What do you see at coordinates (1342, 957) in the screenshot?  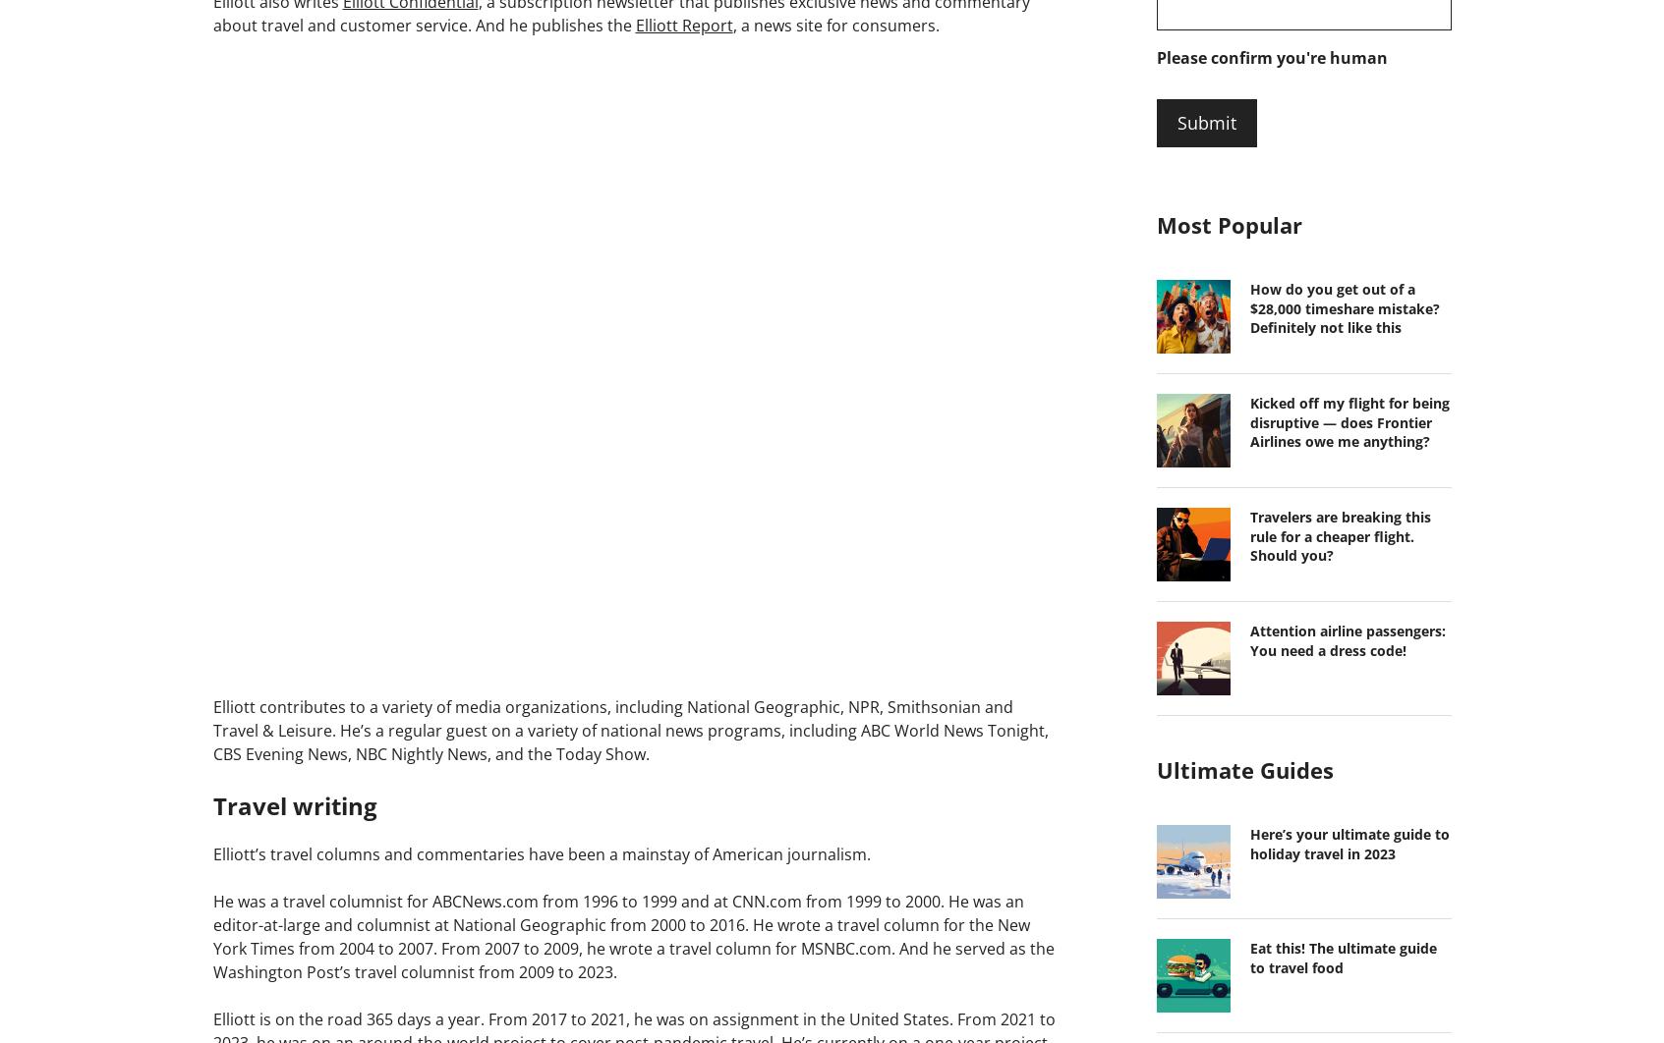 I see `'Eat this! The ultimate guide to travel food'` at bounding box center [1342, 957].